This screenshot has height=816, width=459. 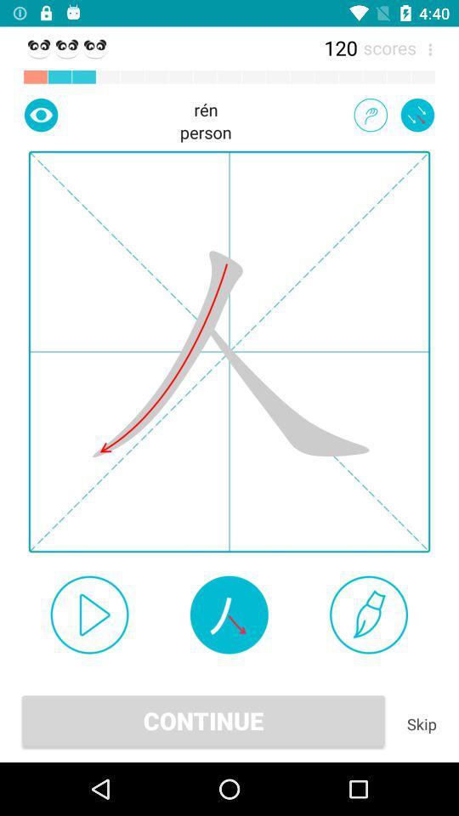 What do you see at coordinates (370, 114) in the screenshot?
I see `the item next to the person icon` at bounding box center [370, 114].